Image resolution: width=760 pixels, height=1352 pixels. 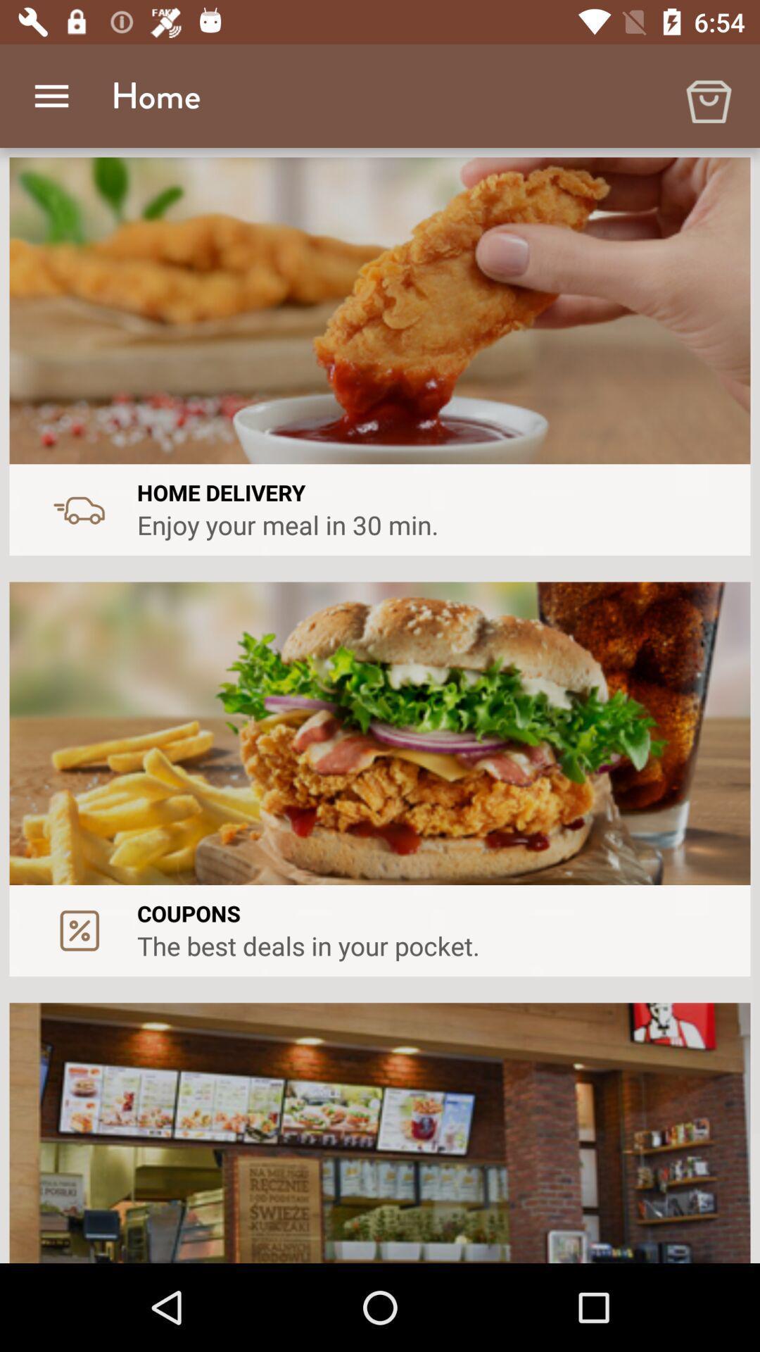 What do you see at coordinates (51, 95) in the screenshot?
I see `app next to the home app` at bounding box center [51, 95].